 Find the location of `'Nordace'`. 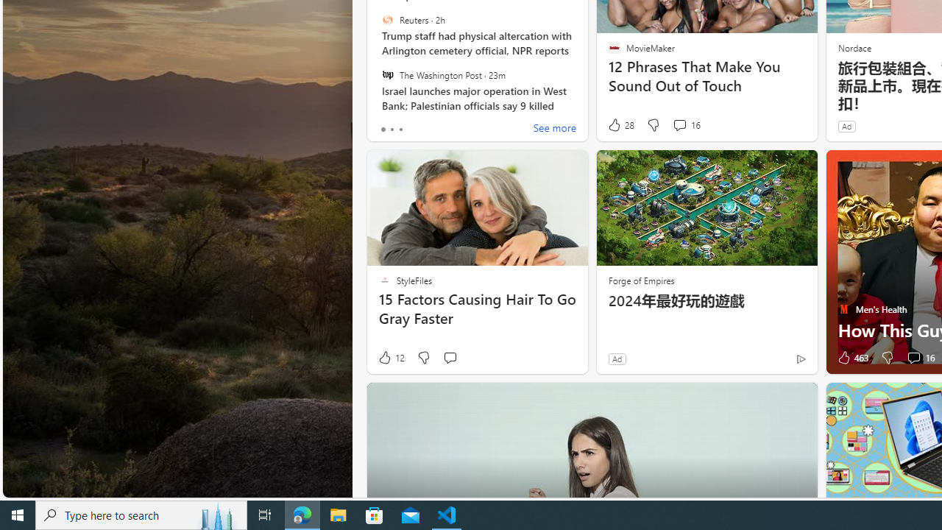

'Nordace' is located at coordinates (854, 46).